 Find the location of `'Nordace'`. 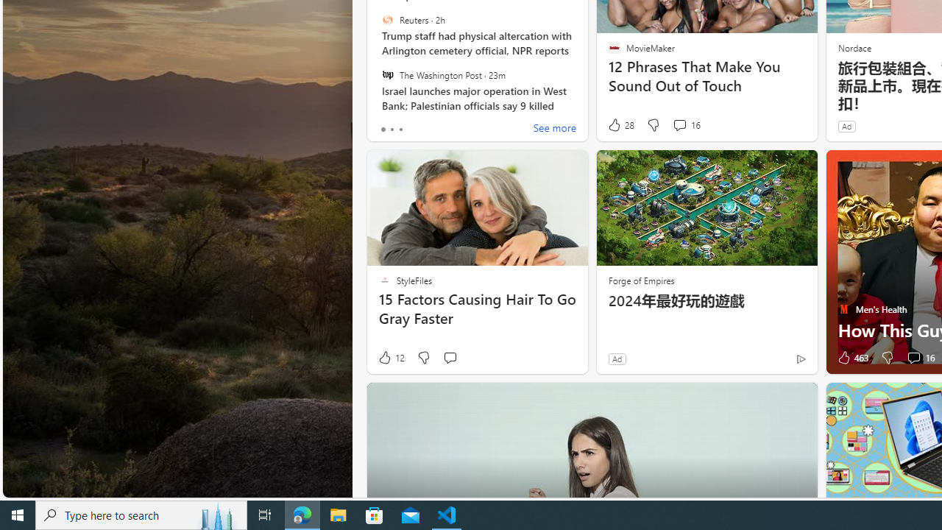

'Nordace' is located at coordinates (854, 46).